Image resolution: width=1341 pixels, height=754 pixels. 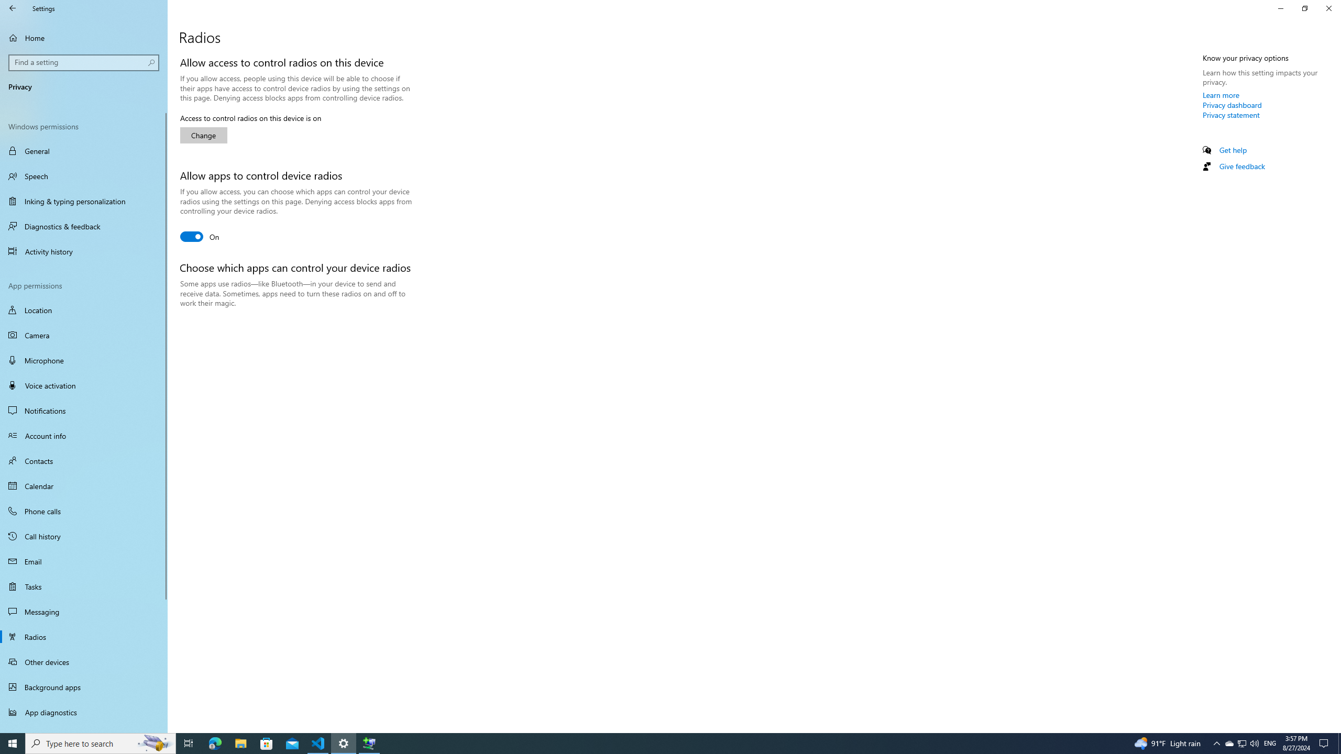 What do you see at coordinates (1254, 742) in the screenshot?
I see `'Q2790: 100%'` at bounding box center [1254, 742].